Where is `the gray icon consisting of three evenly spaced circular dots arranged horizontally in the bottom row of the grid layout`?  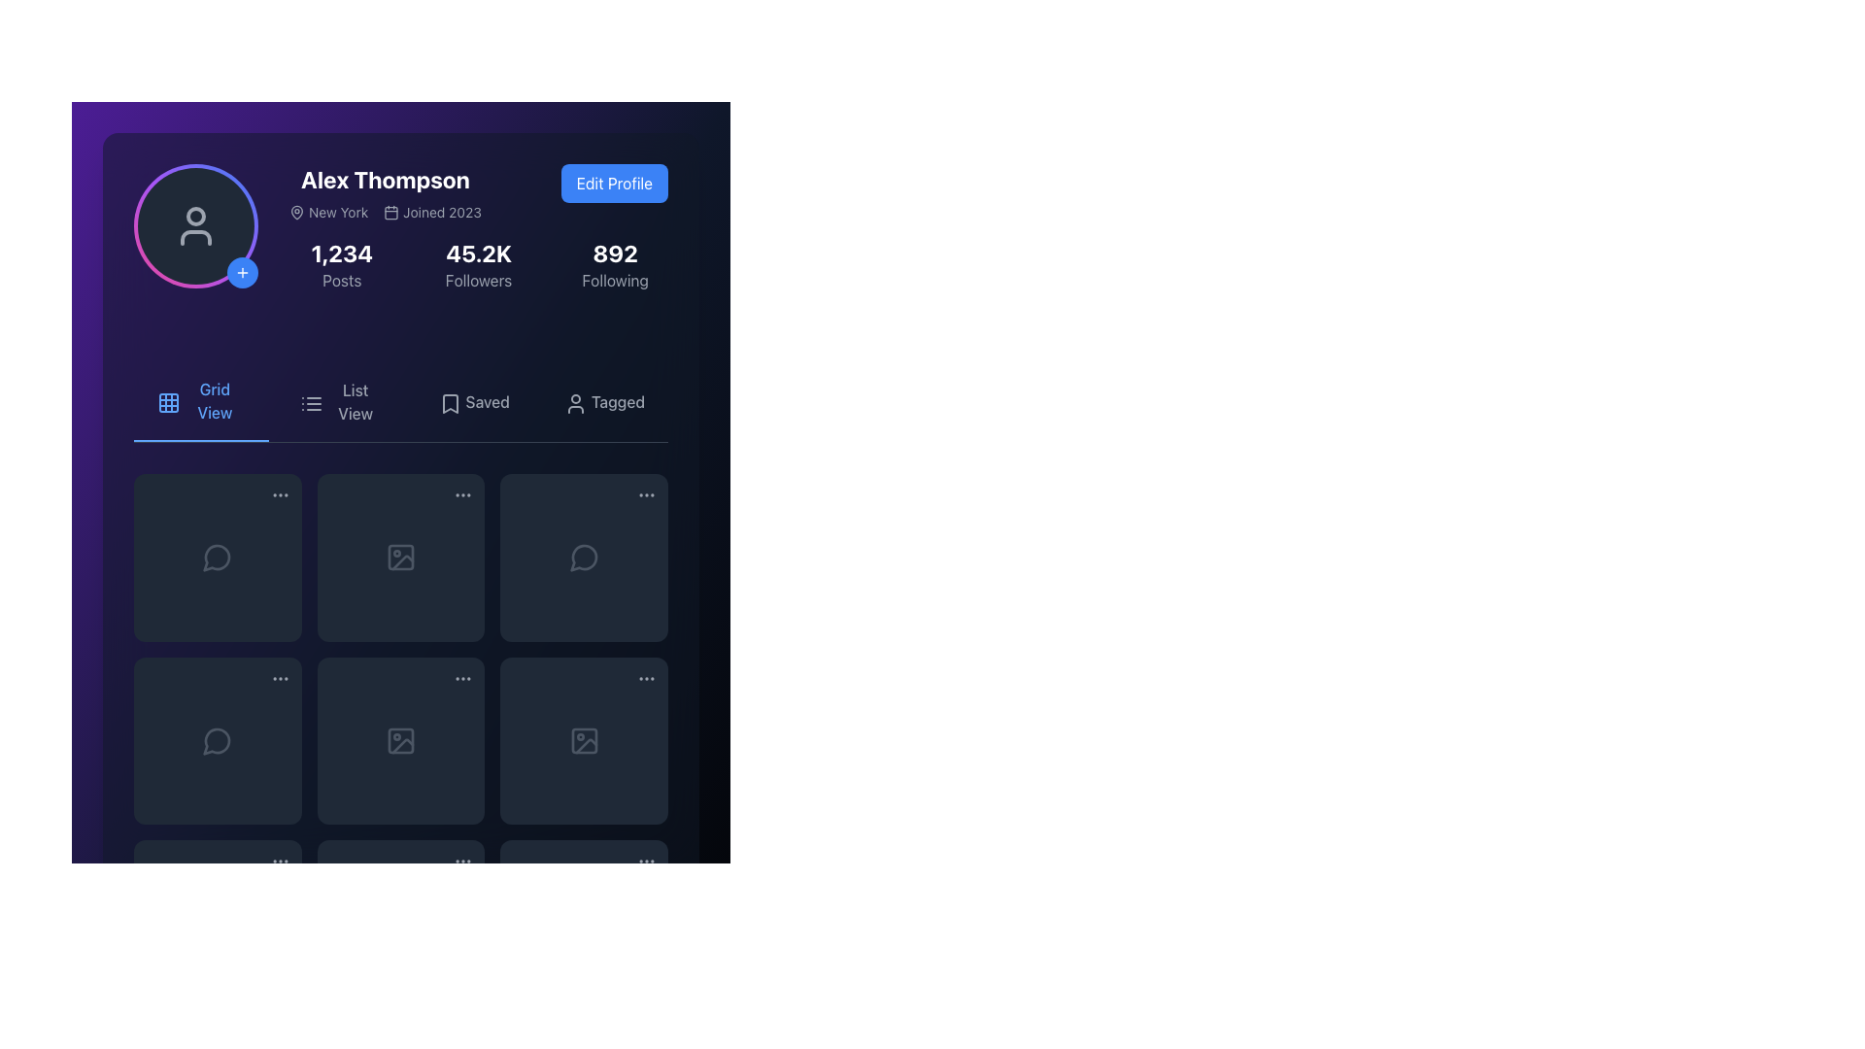
the gray icon consisting of three evenly spaced circular dots arranged horizontally in the bottom row of the grid layout is located at coordinates (279, 861).